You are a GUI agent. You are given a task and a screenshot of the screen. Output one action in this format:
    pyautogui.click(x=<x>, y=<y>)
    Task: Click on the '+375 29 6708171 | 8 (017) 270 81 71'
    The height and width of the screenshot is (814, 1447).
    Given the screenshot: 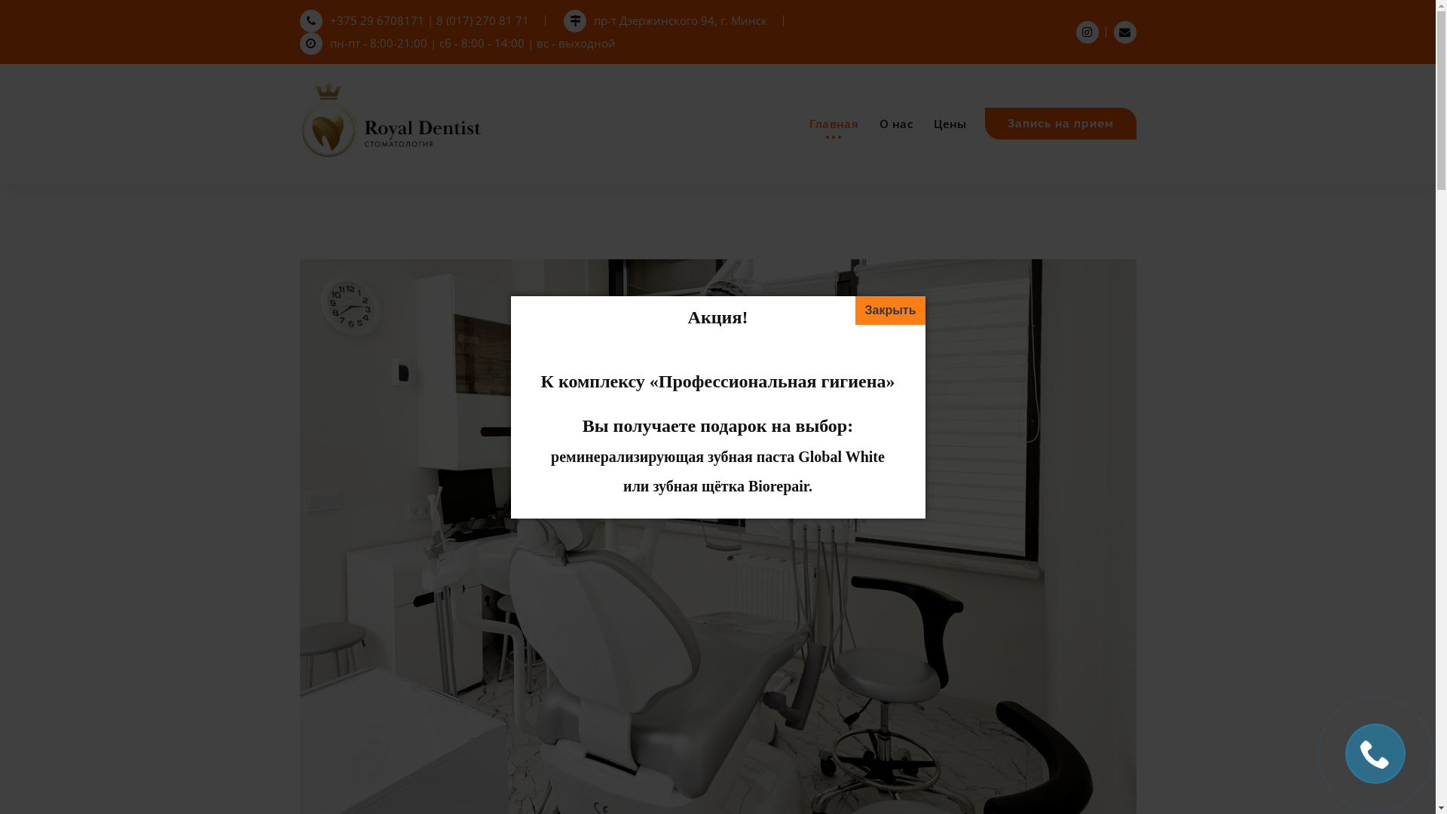 What is the action you would take?
    pyautogui.click(x=415, y=20)
    